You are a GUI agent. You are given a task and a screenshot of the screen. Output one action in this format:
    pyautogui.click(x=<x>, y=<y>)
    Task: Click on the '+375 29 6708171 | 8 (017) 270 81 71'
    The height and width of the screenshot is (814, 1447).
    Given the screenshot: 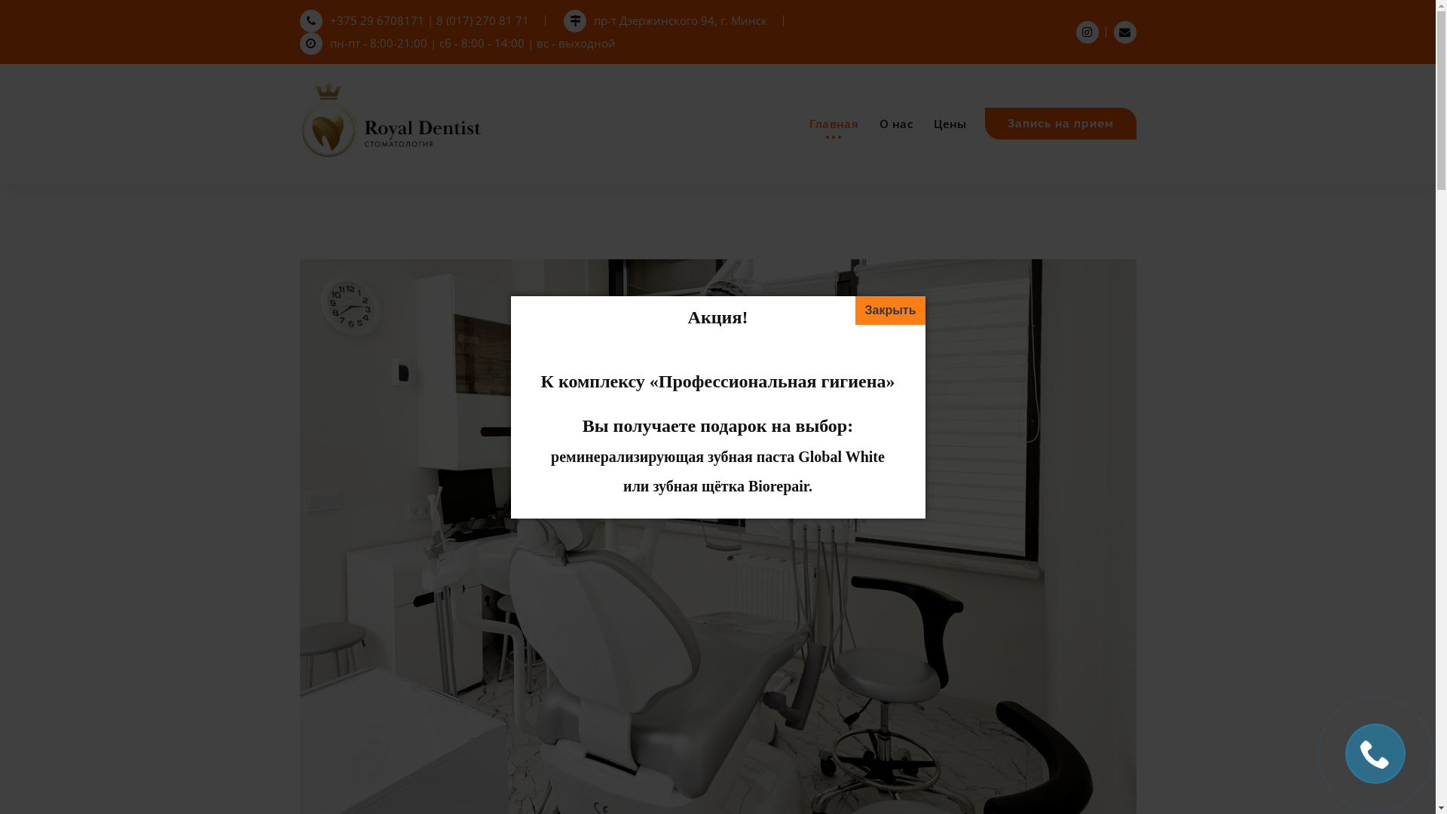 What is the action you would take?
    pyautogui.click(x=415, y=20)
    